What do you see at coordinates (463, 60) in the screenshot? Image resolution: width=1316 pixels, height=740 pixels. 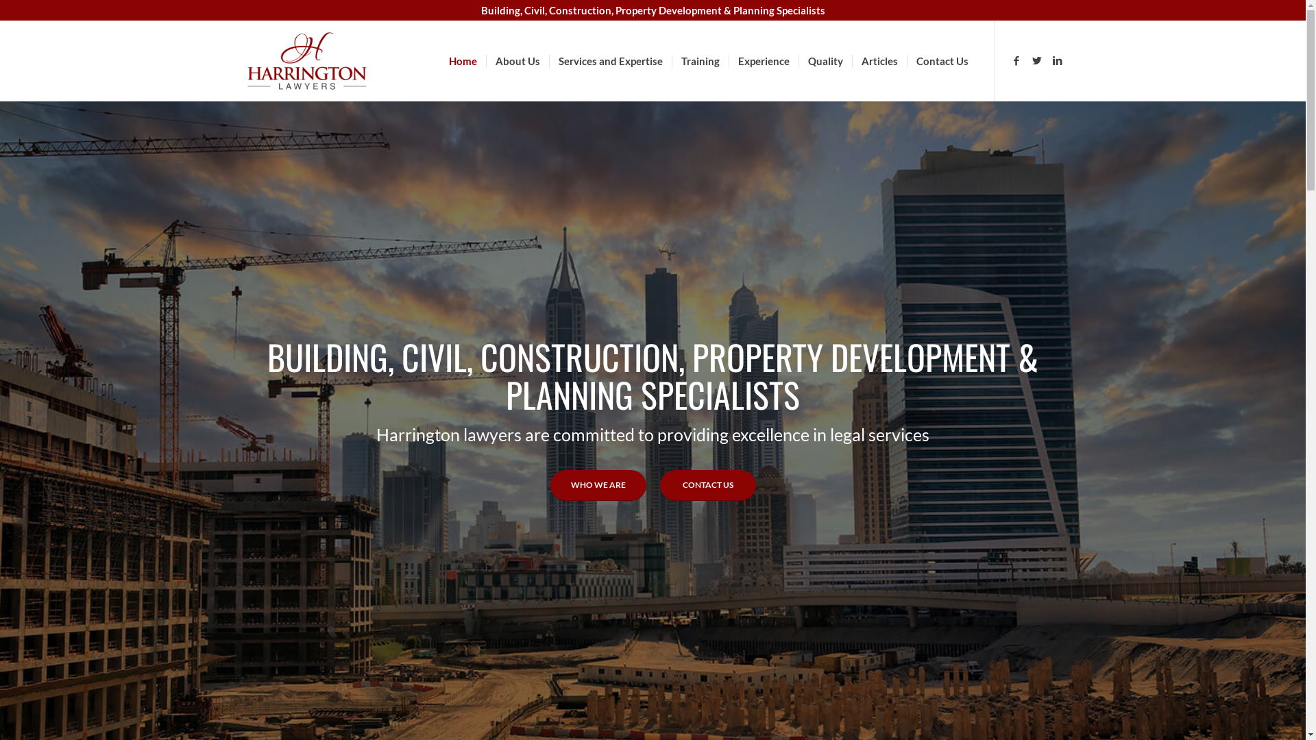 I see `'Home'` at bounding box center [463, 60].